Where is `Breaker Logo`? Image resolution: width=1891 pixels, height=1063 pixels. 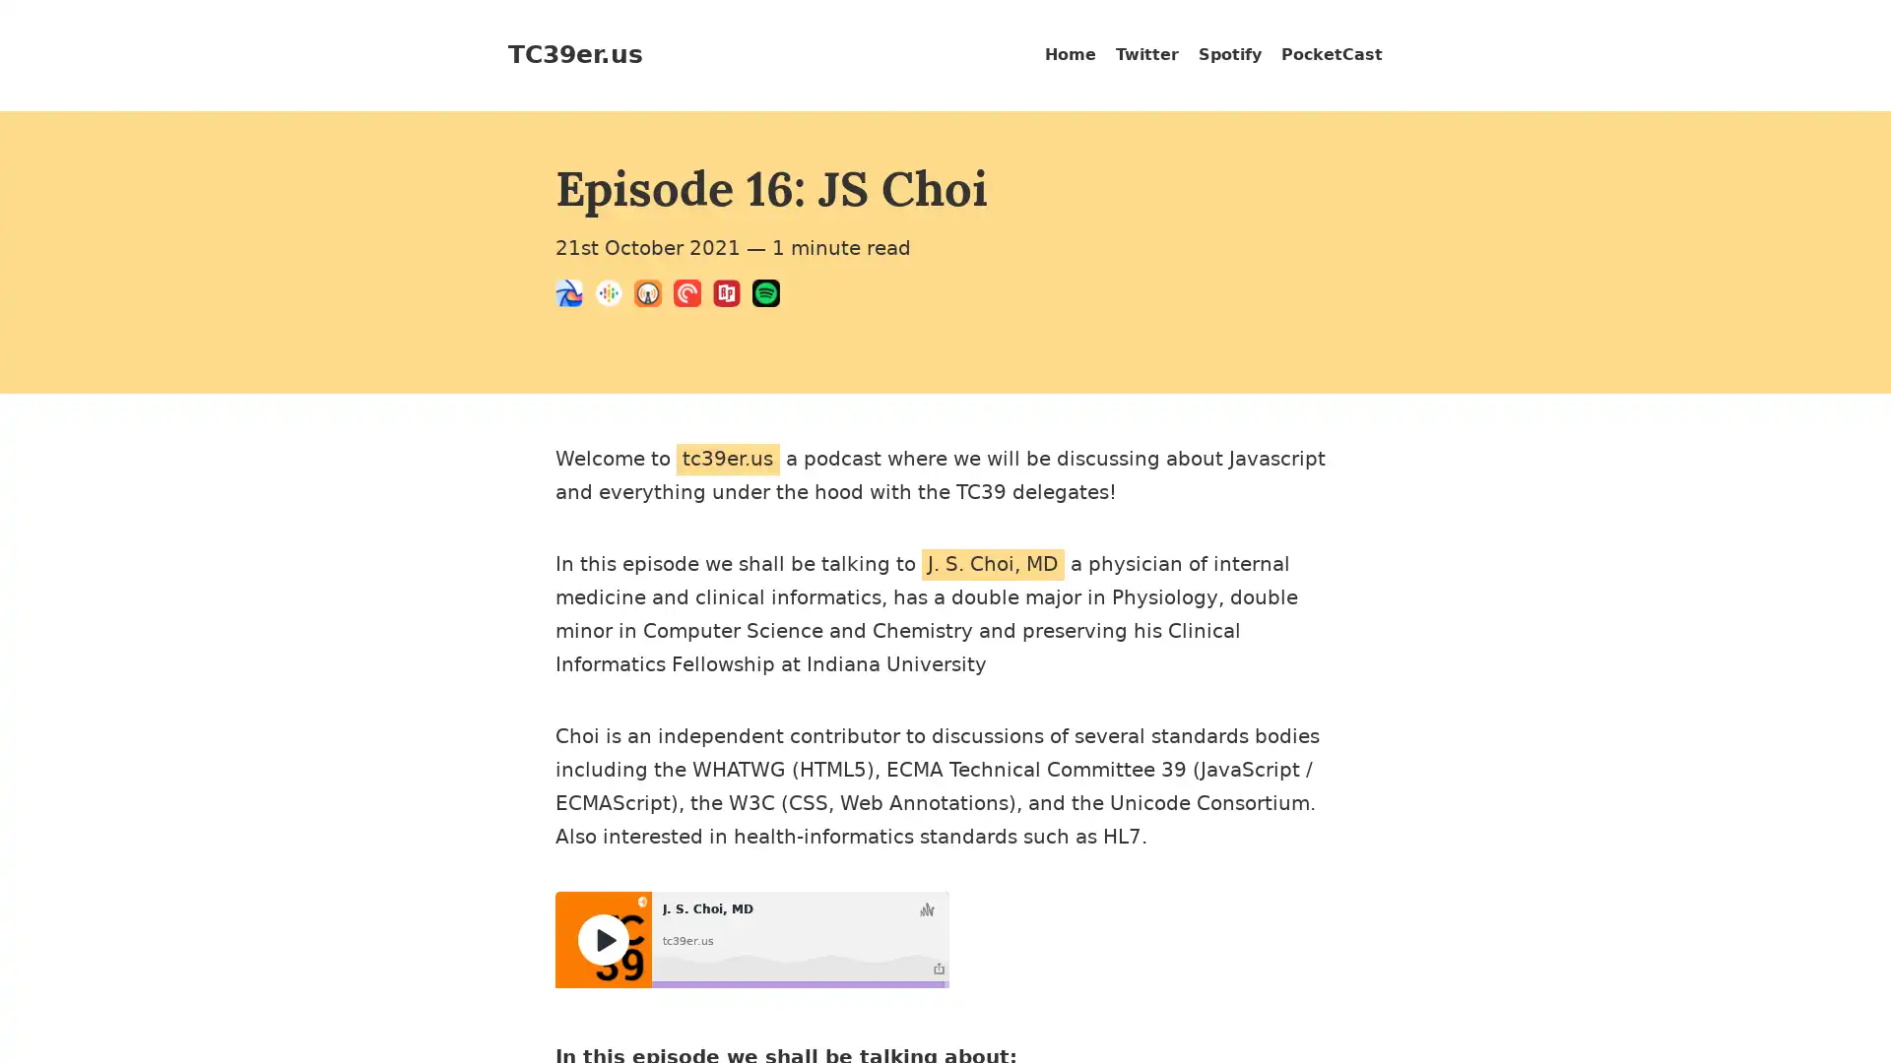
Breaker Logo is located at coordinates (574, 296).